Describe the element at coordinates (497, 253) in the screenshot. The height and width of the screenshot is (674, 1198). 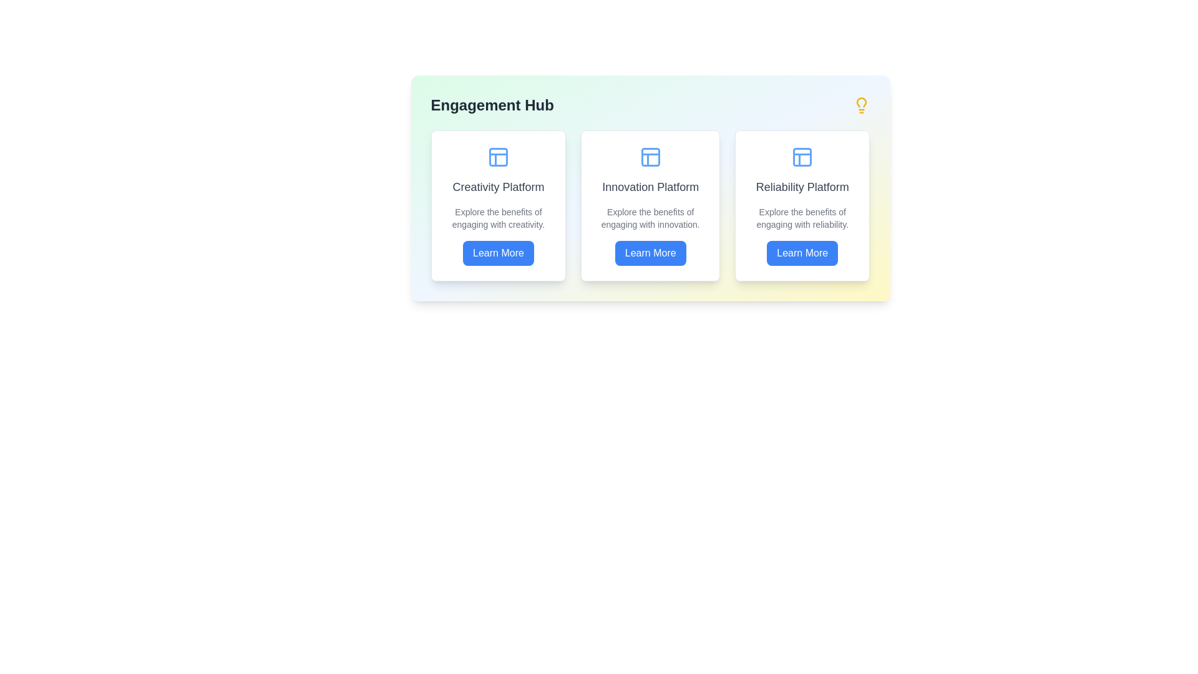
I see `the 'Learn More' button, which is a rectangular button with a blue background and white text located at the bottom center of the 'Creativity Platform' card` at that location.